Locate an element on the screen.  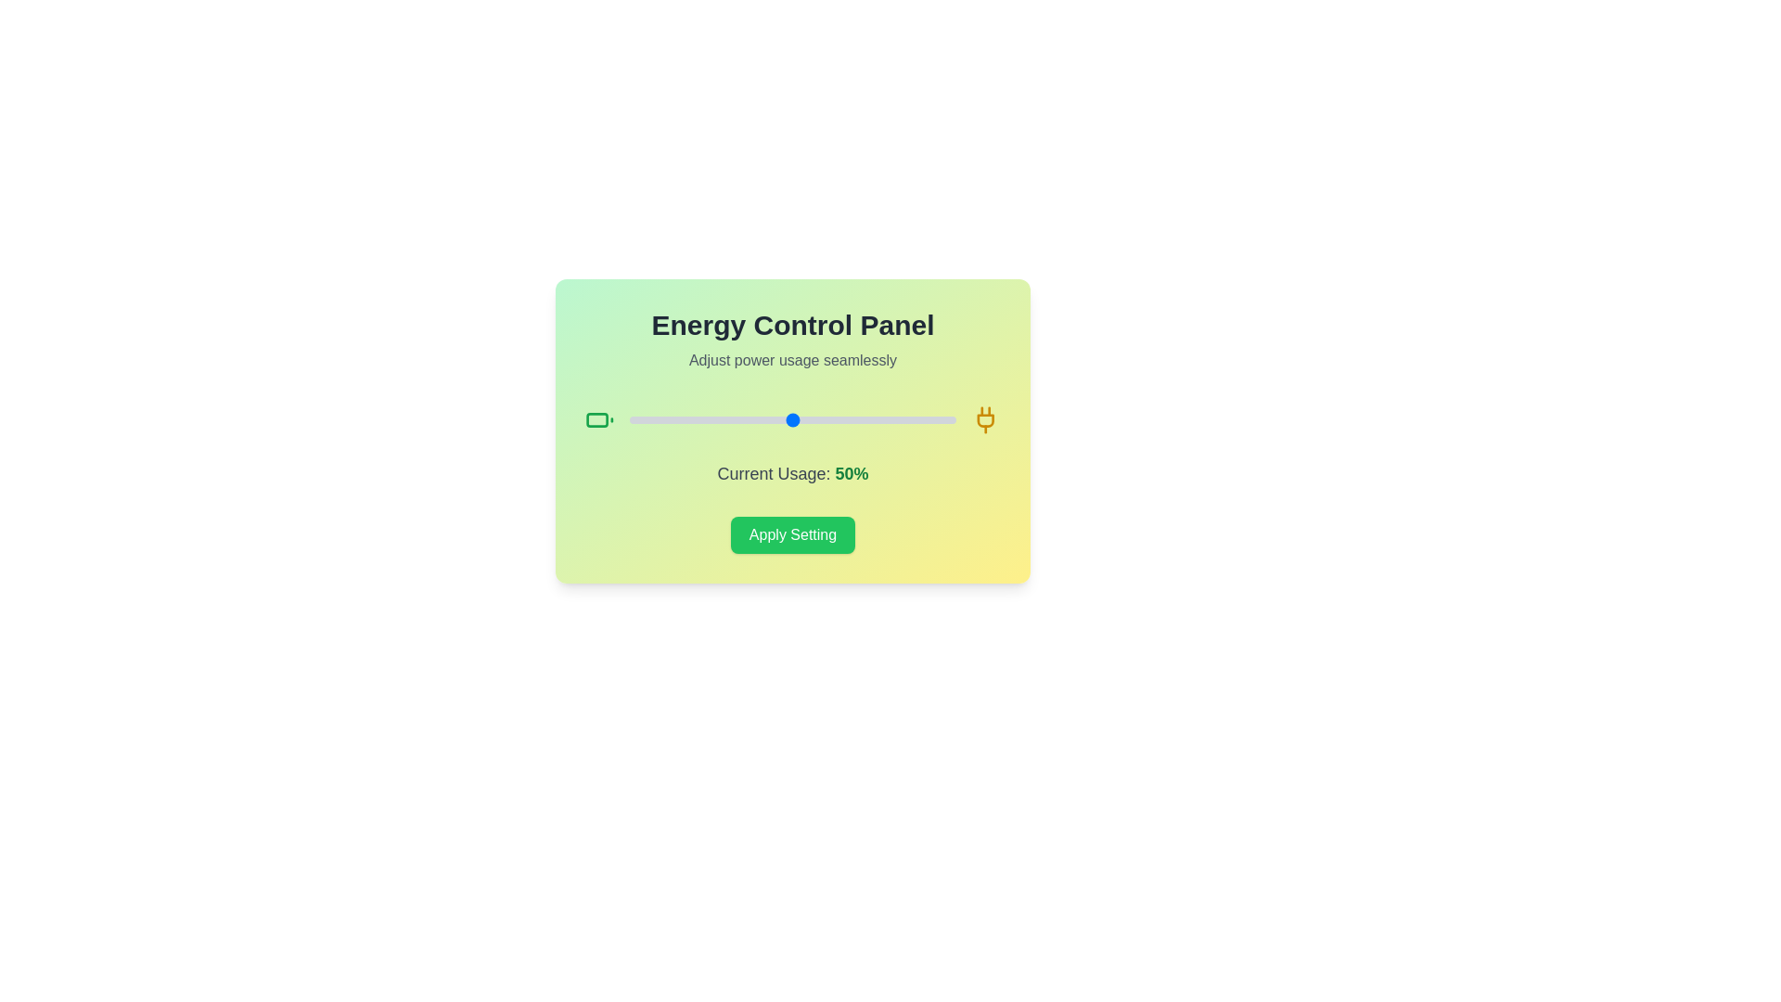
the text element labeled 'Energy Control Panel', which is styled in bold, large dark gray font and located at the top of a greenish gradient background card is located at coordinates (792, 325).